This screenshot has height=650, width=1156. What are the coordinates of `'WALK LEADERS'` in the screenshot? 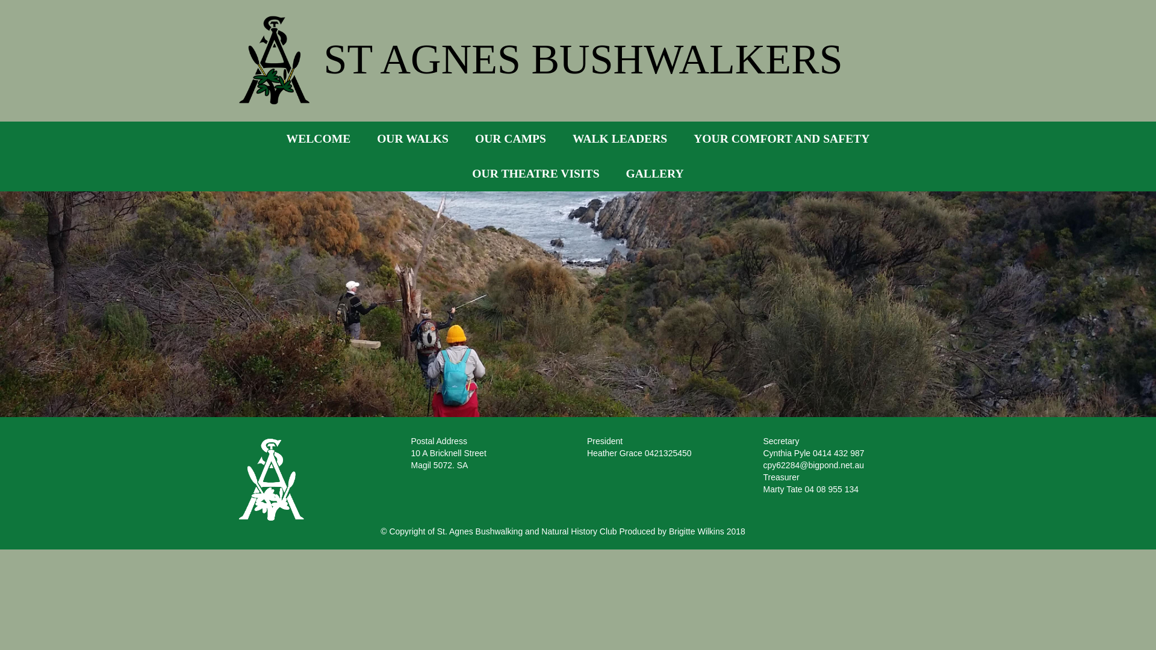 It's located at (620, 138).